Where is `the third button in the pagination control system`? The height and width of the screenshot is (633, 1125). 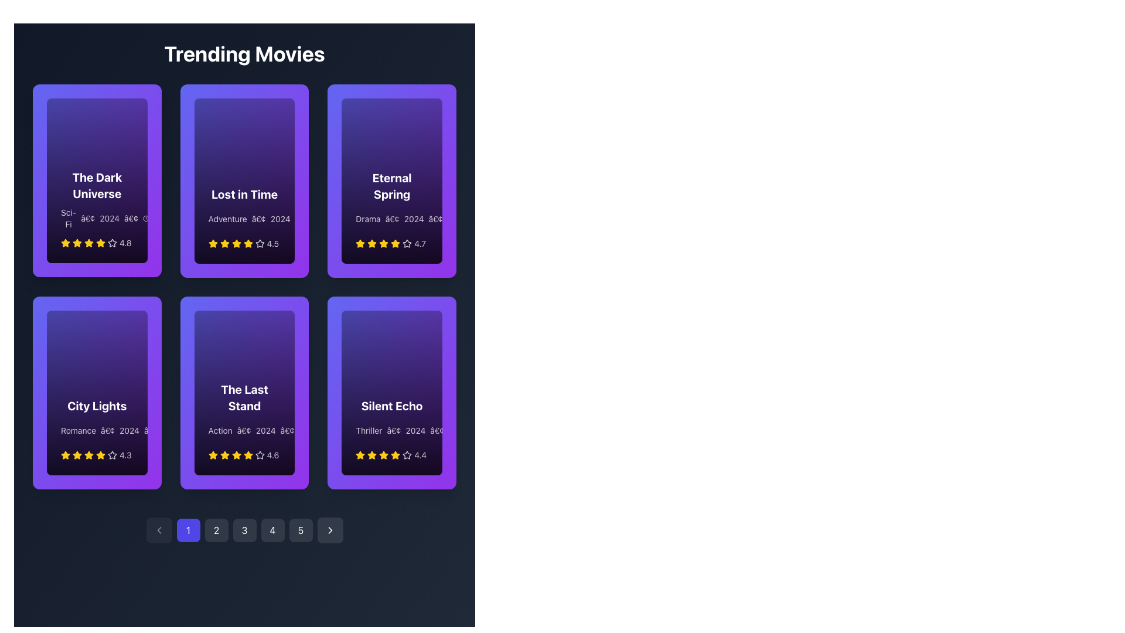
the third button in the pagination control system is located at coordinates (244, 530).